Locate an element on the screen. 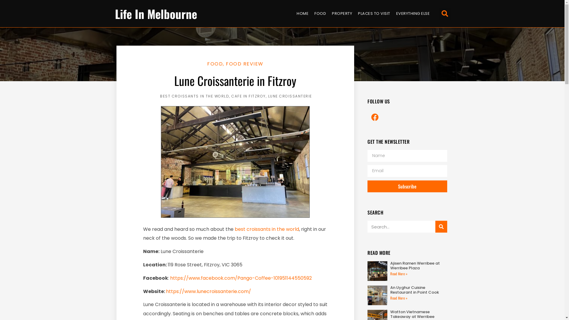 The width and height of the screenshot is (569, 320). 'best croissants in the world' is located at coordinates (266, 229).